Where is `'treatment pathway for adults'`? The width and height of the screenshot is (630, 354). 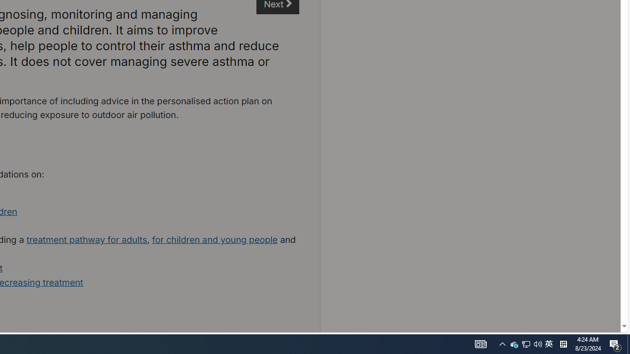 'treatment pathway for adults' is located at coordinates (87, 239).